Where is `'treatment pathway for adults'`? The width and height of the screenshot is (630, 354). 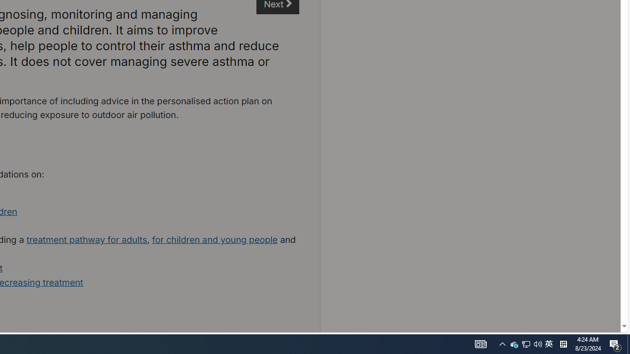 'treatment pathway for adults' is located at coordinates (87, 239).